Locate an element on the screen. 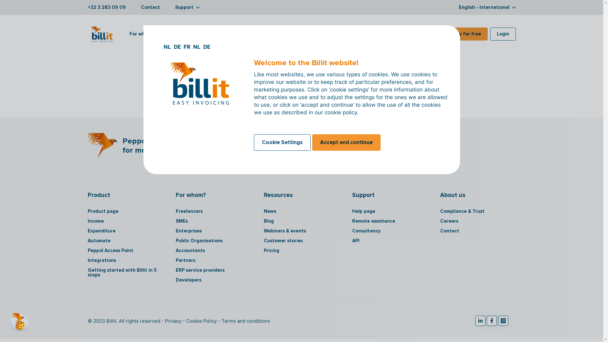 Image resolution: width=608 pixels, height=342 pixels. 'Try for free' is located at coordinates (447, 34).